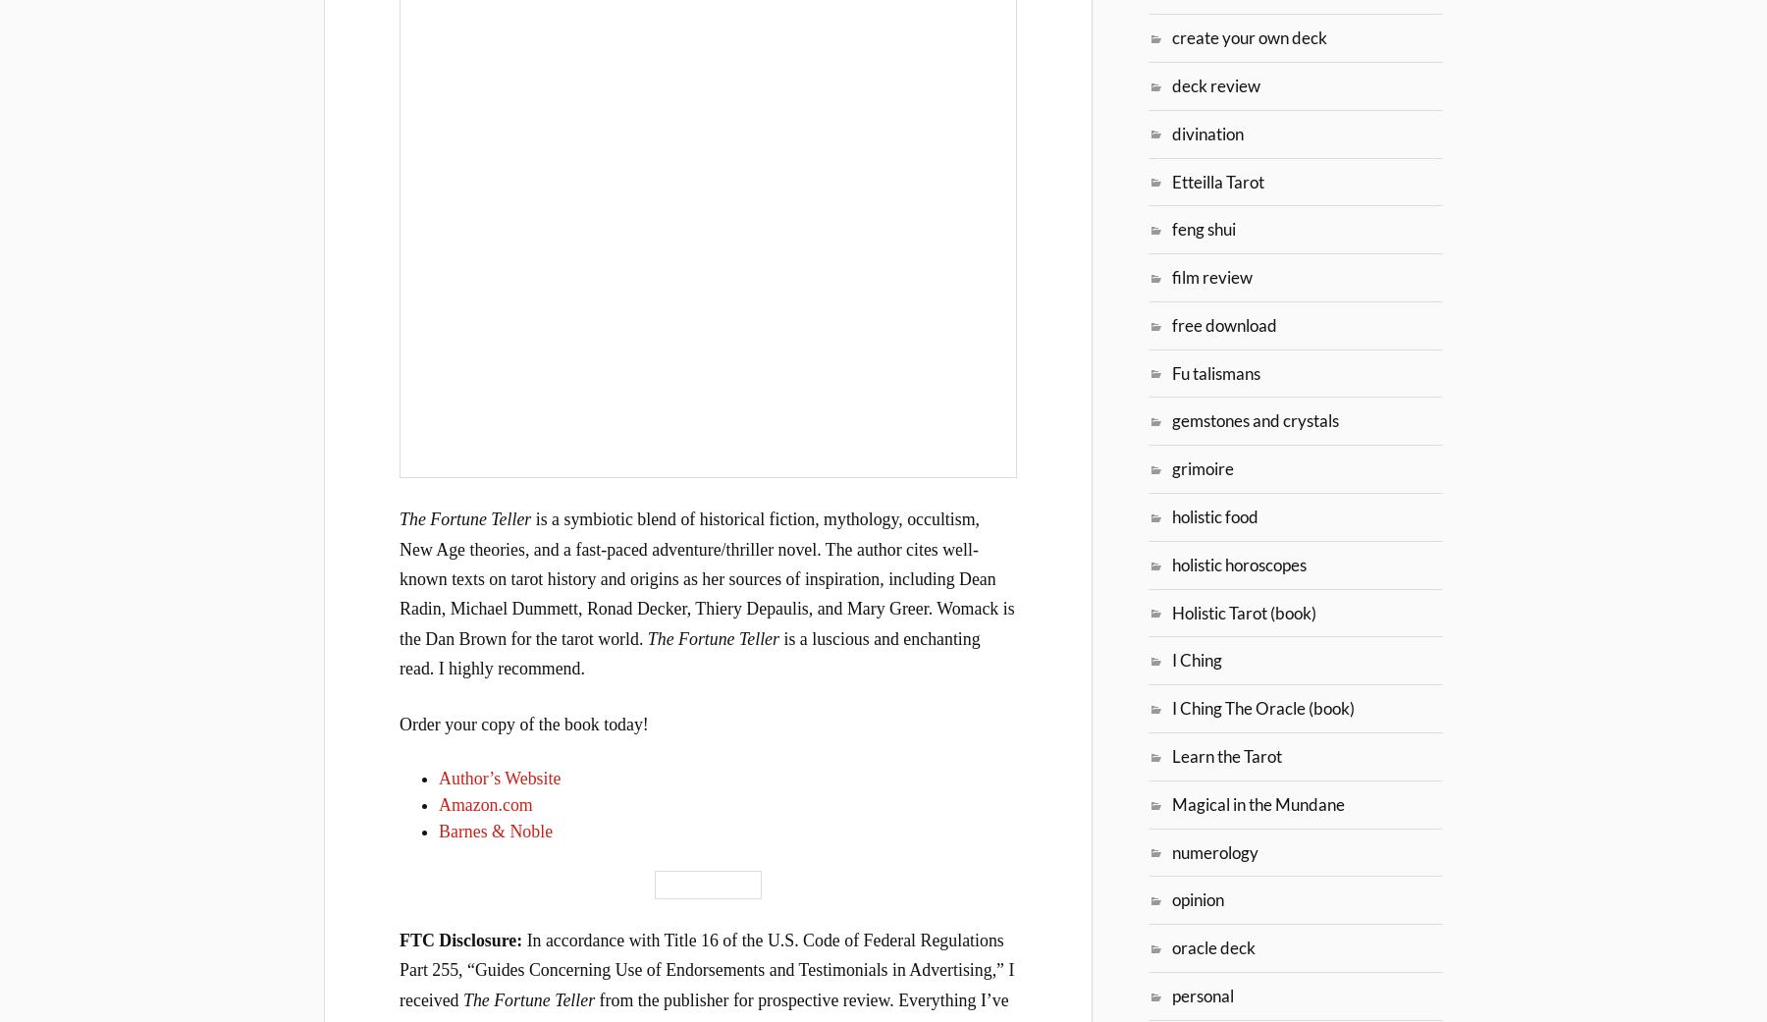 Image resolution: width=1767 pixels, height=1022 pixels. What do you see at coordinates (1170, 612) in the screenshot?
I see `'Holistic Tarot (book)'` at bounding box center [1170, 612].